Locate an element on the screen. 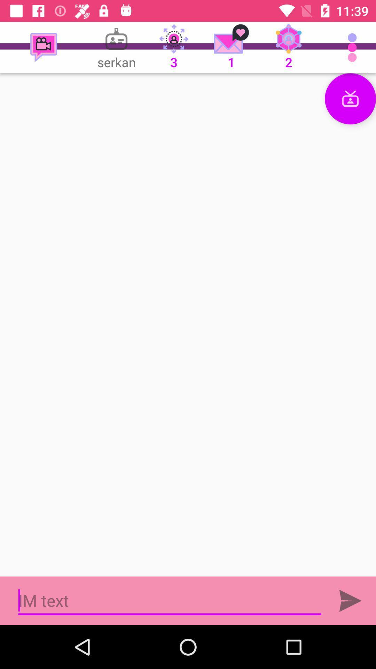 The width and height of the screenshot is (376, 669). main screen is located at coordinates (188, 324).